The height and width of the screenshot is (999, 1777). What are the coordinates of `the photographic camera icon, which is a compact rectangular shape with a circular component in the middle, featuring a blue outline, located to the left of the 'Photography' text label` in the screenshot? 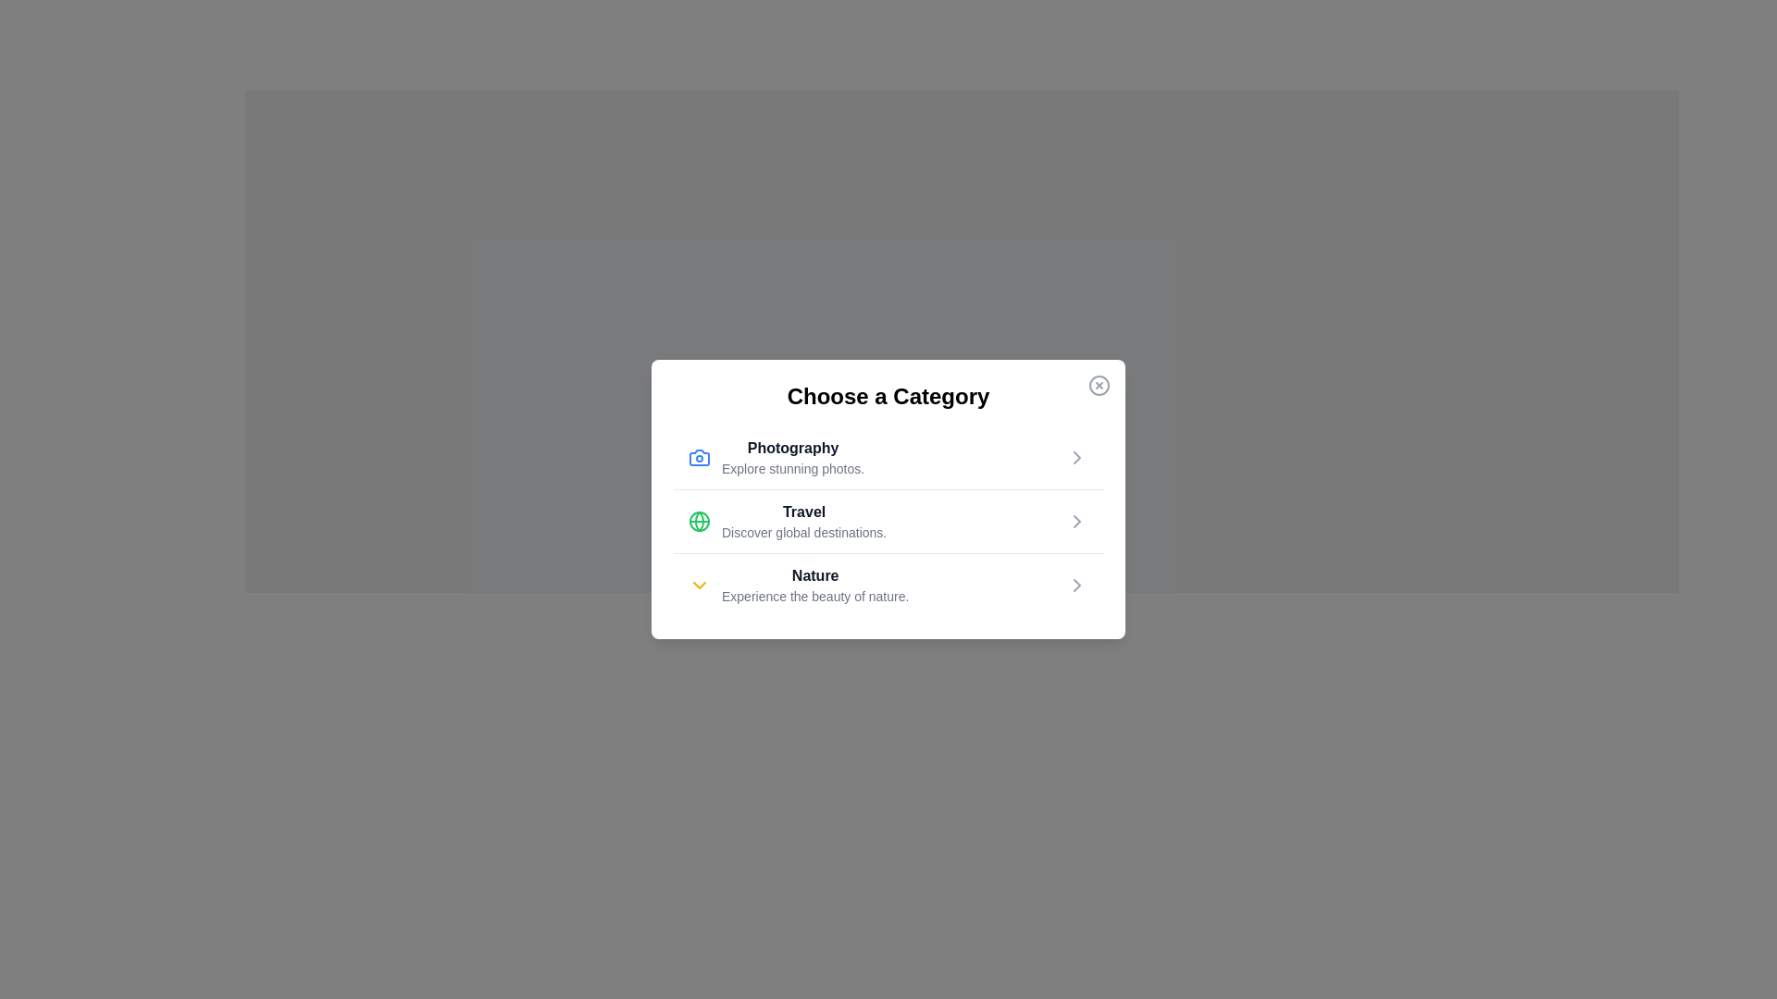 It's located at (698, 457).